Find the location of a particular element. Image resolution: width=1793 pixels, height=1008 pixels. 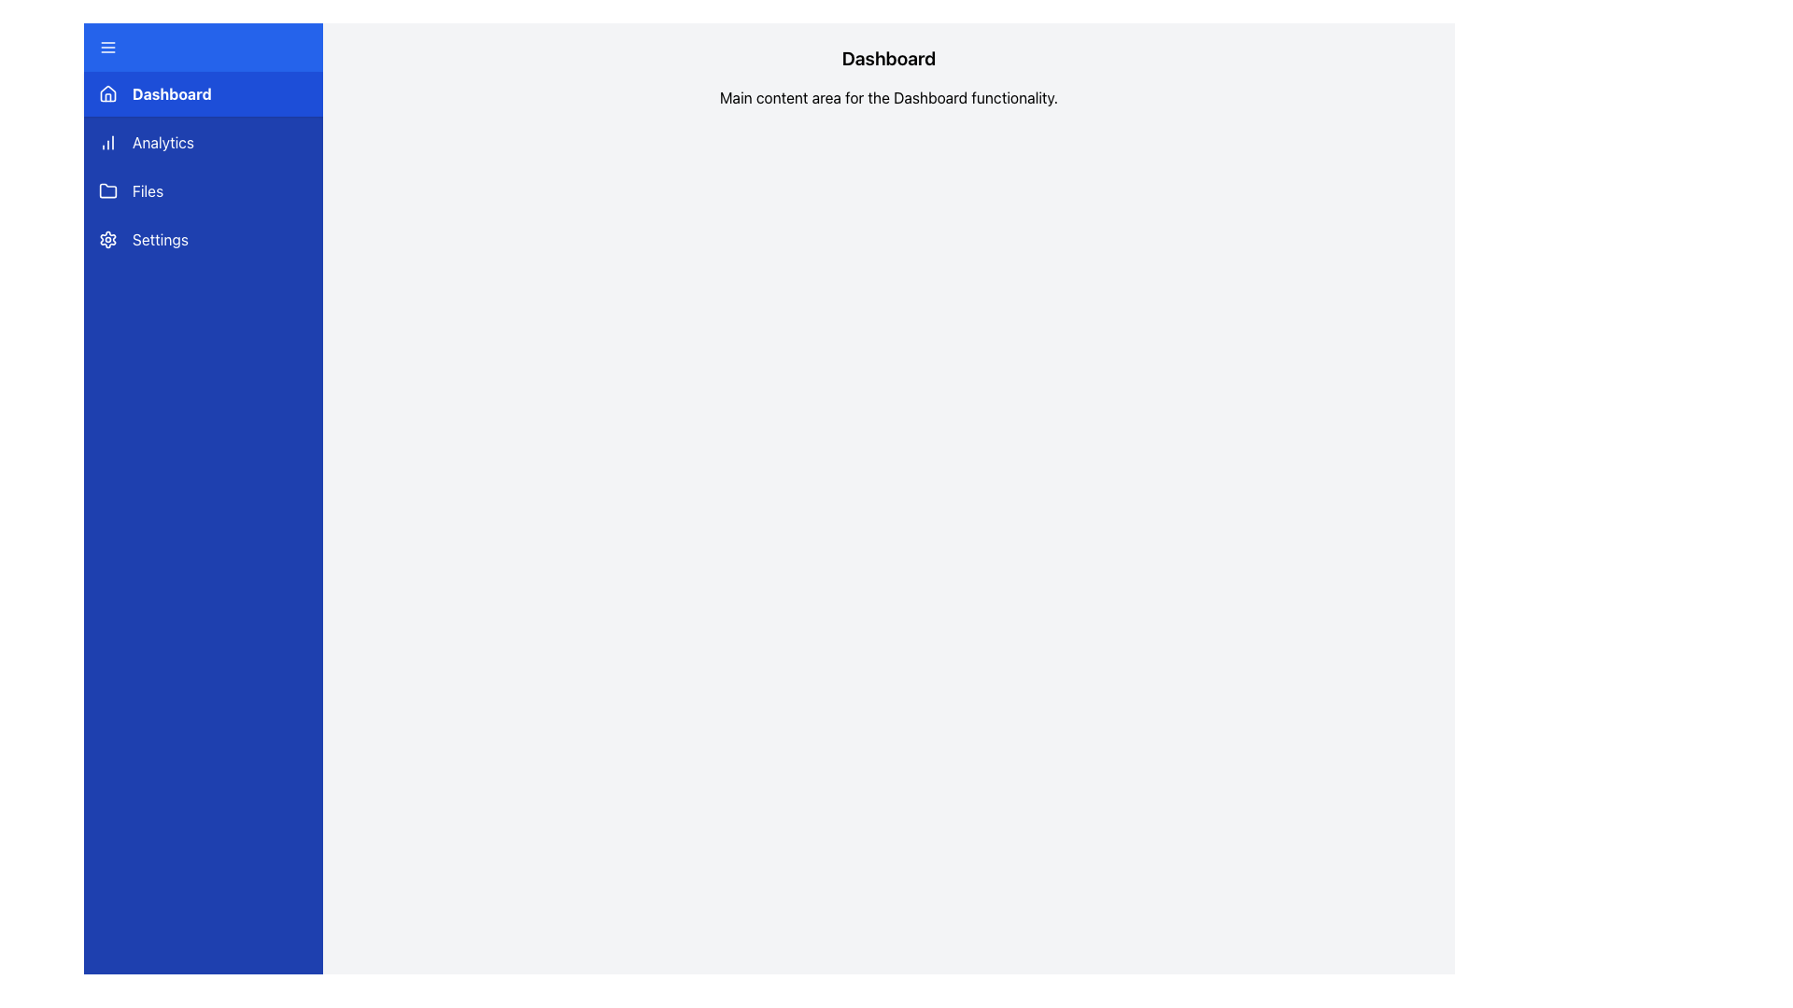

the second item in the vertical navigation sidebar, which serves as a link to the 'Analytics' section is located at coordinates (203, 142).